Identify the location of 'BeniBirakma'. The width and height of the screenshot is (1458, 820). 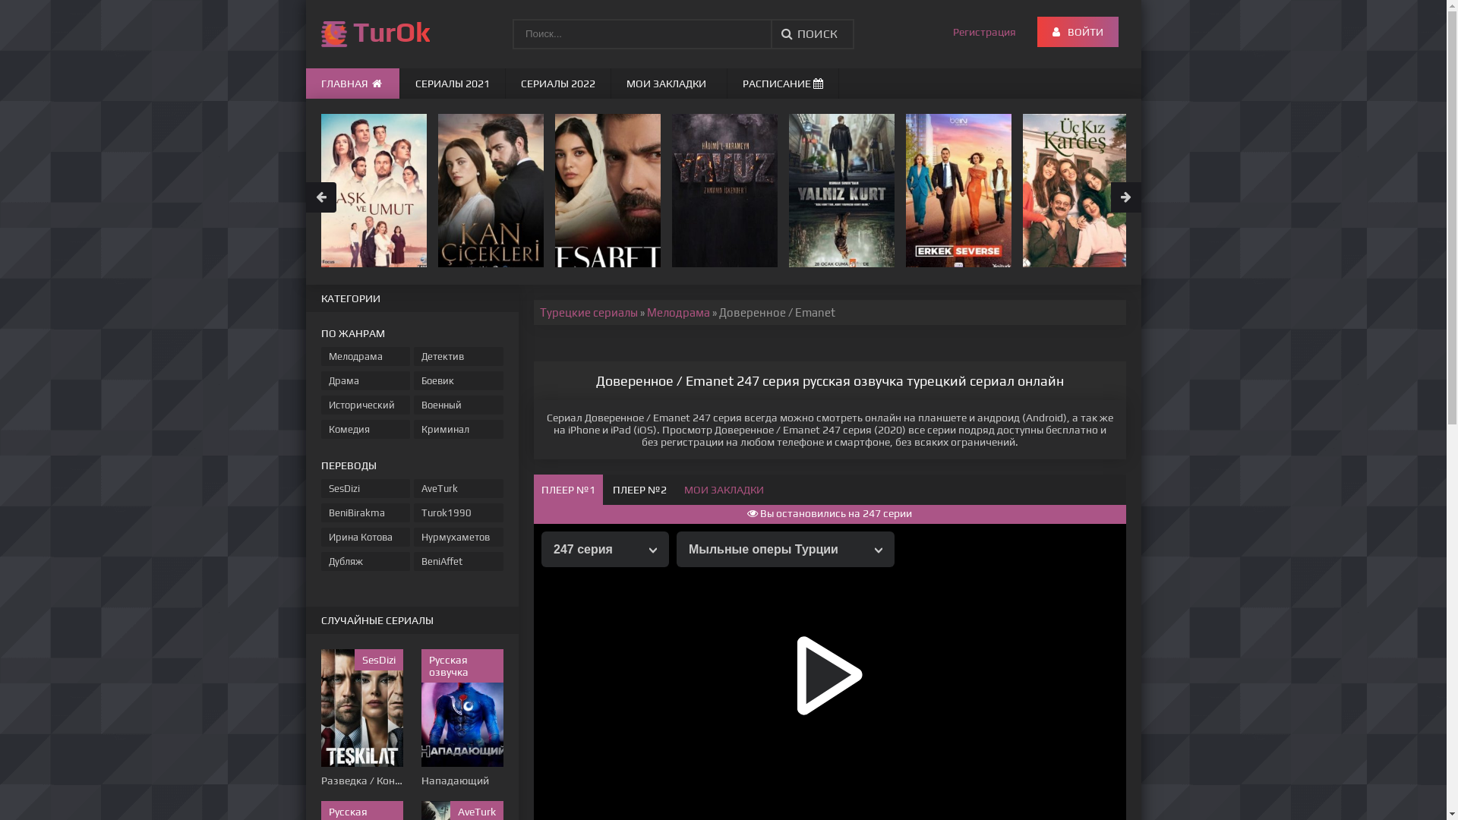
(364, 512).